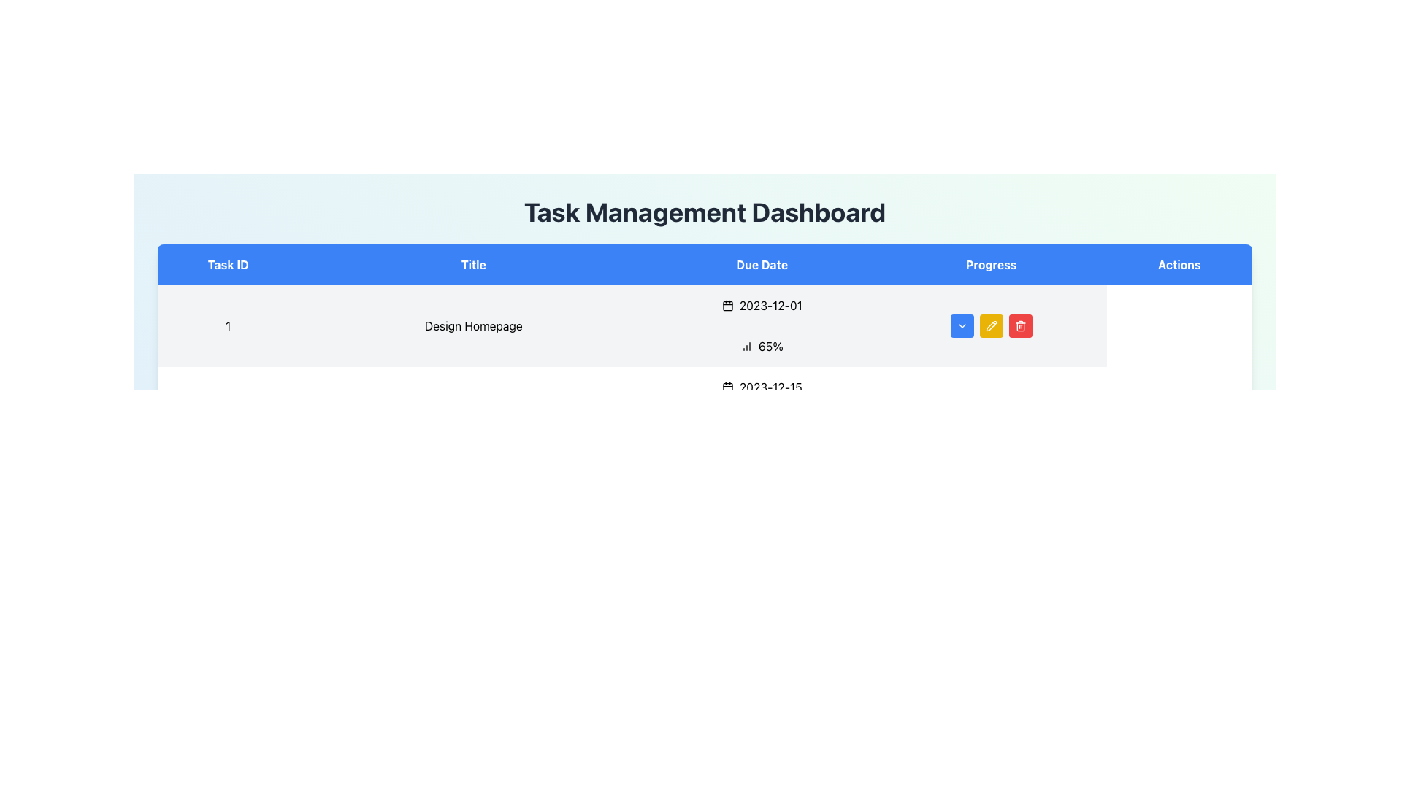 This screenshot has width=1402, height=788. Describe the element at coordinates (705, 212) in the screenshot. I see `the title text element located at the top center of the page, which serves as a clear indicator of the dashboard's content` at that location.